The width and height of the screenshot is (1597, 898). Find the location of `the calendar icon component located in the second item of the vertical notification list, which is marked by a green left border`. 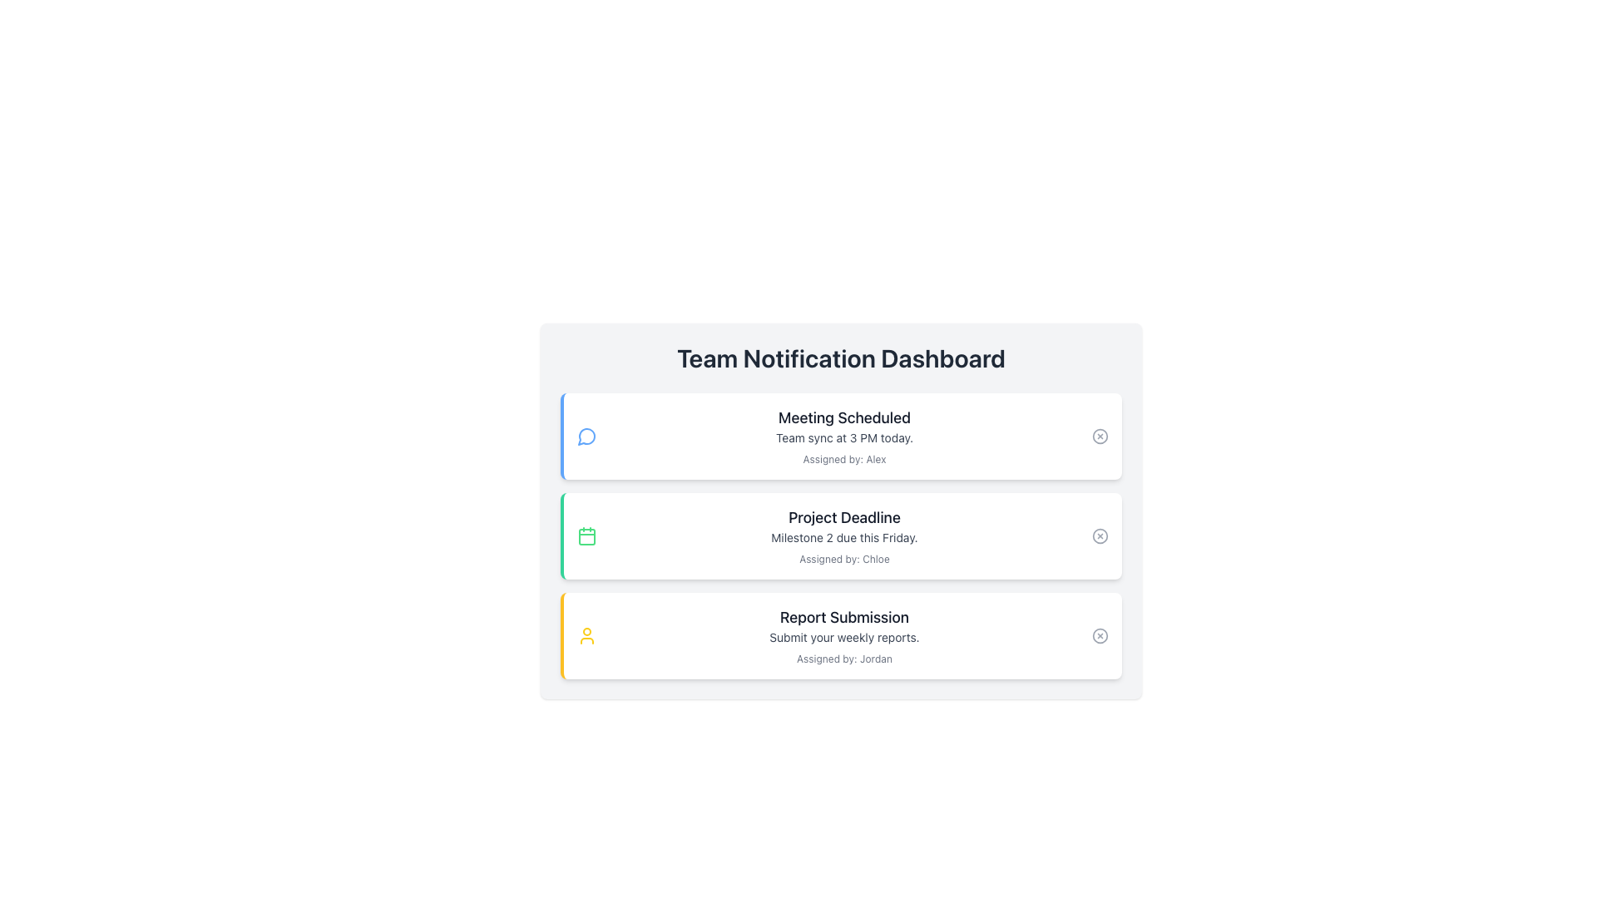

the calendar icon component located in the second item of the vertical notification list, which is marked by a green left border is located at coordinates (586, 536).